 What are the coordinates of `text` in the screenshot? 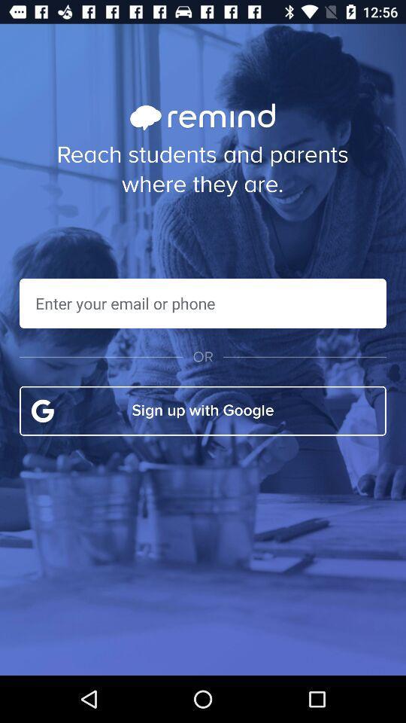 It's located at (203, 302).